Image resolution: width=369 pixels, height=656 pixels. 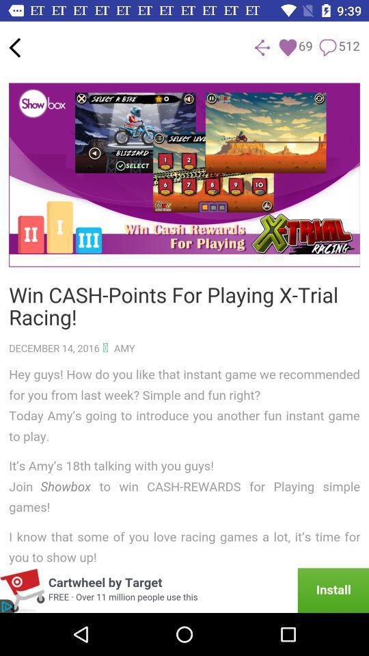 What do you see at coordinates (262, 47) in the screenshot?
I see `the share icon` at bounding box center [262, 47].